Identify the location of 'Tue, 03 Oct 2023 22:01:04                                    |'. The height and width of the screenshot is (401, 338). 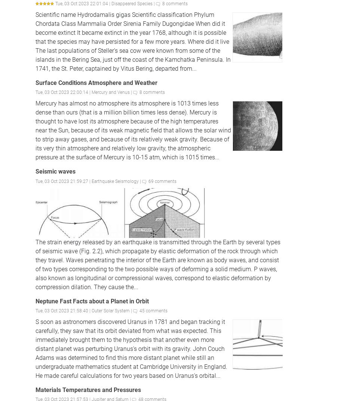
(83, 3).